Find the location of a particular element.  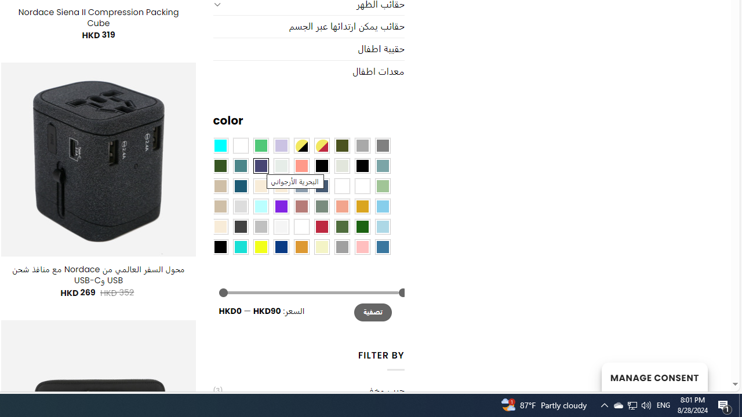

'Mint' is located at coordinates (260, 205).